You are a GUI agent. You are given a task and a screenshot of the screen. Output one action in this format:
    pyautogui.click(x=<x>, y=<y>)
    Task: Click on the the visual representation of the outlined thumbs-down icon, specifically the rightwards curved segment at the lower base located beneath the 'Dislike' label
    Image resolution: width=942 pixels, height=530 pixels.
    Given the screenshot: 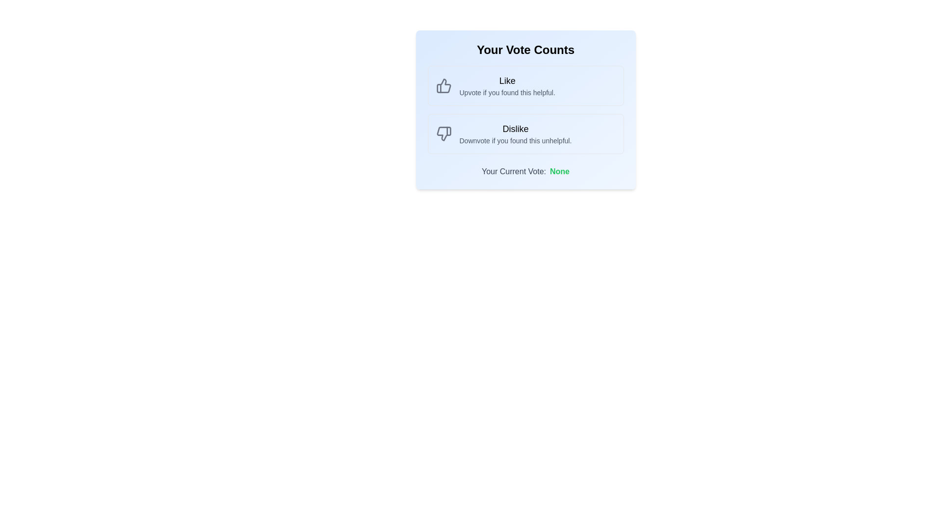 What is the action you would take?
    pyautogui.click(x=443, y=134)
    